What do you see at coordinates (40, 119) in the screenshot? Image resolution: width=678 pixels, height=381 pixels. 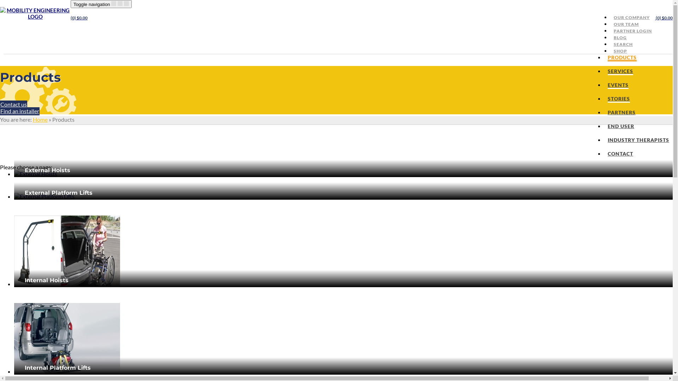 I see `'Home'` at bounding box center [40, 119].